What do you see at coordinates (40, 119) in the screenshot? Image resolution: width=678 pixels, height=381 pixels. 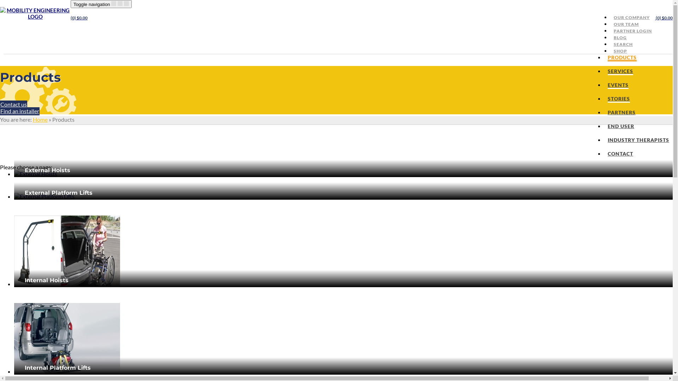 I see `'Home'` at bounding box center [40, 119].